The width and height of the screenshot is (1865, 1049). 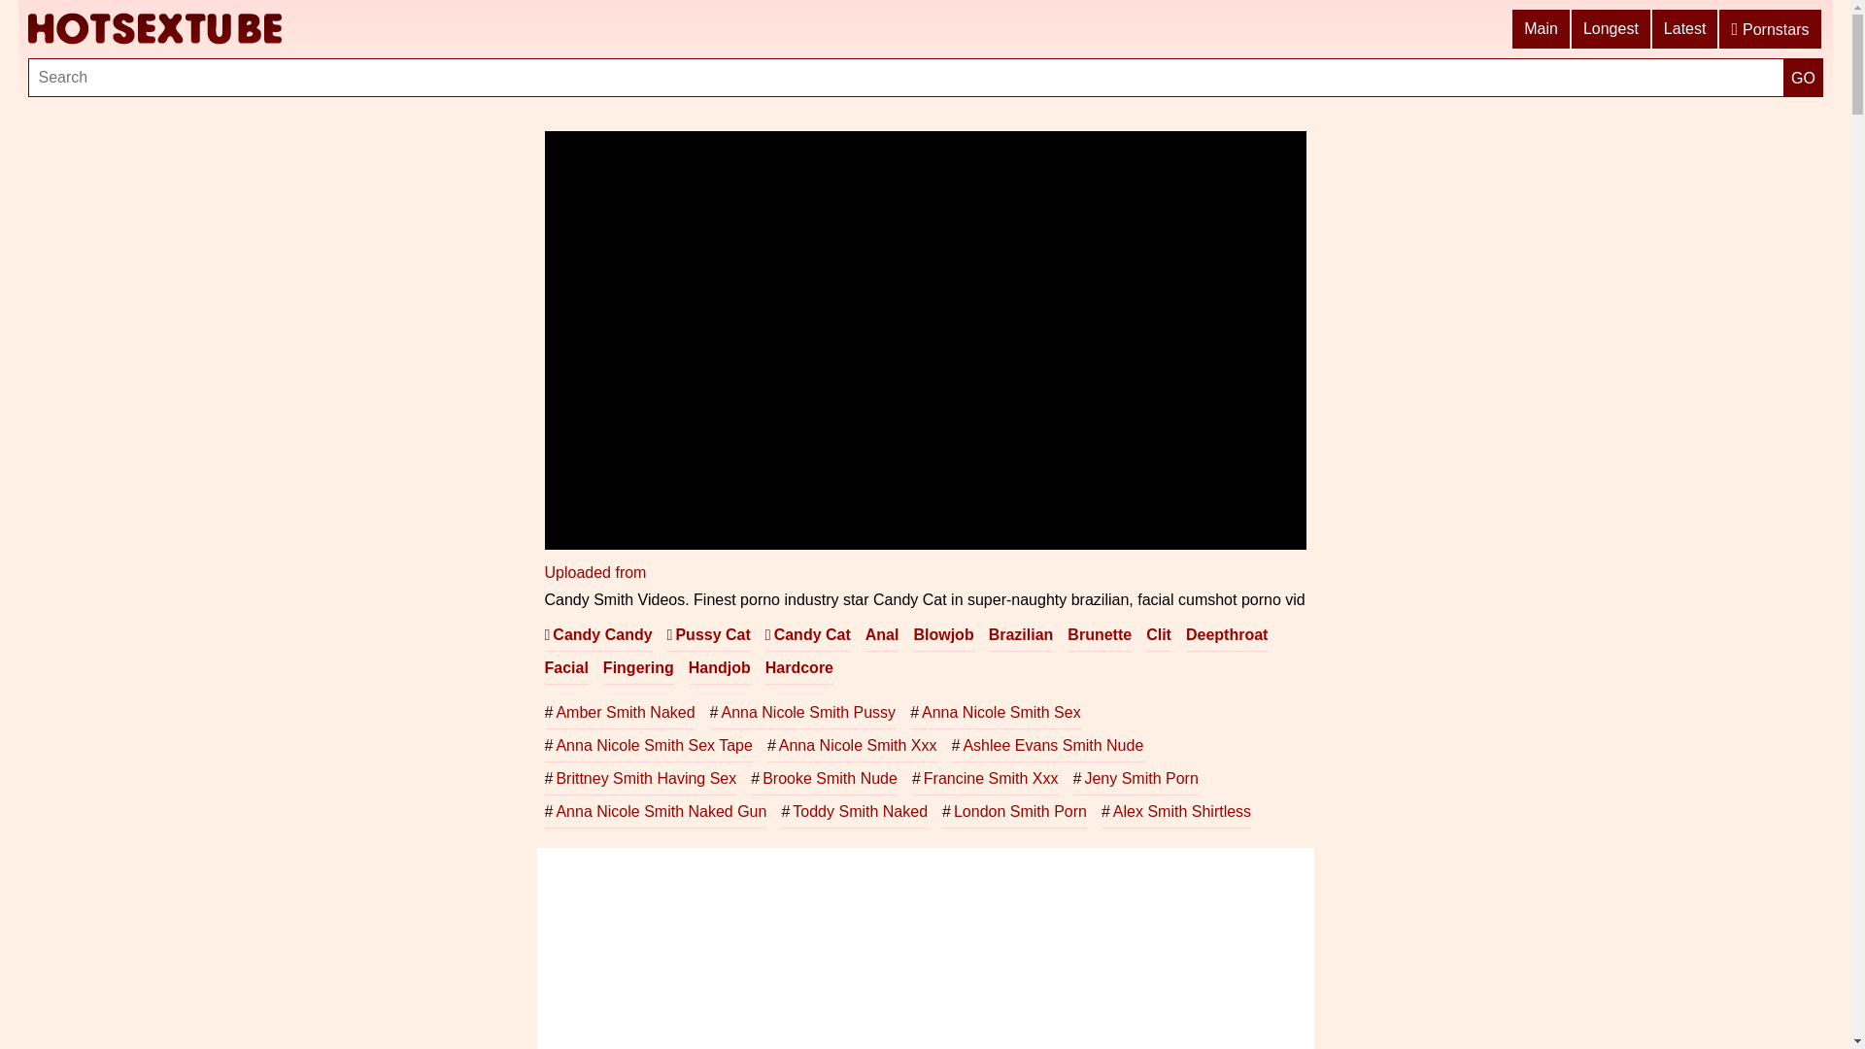 I want to click on 'Candy Candy', so click(x=596, y=635).